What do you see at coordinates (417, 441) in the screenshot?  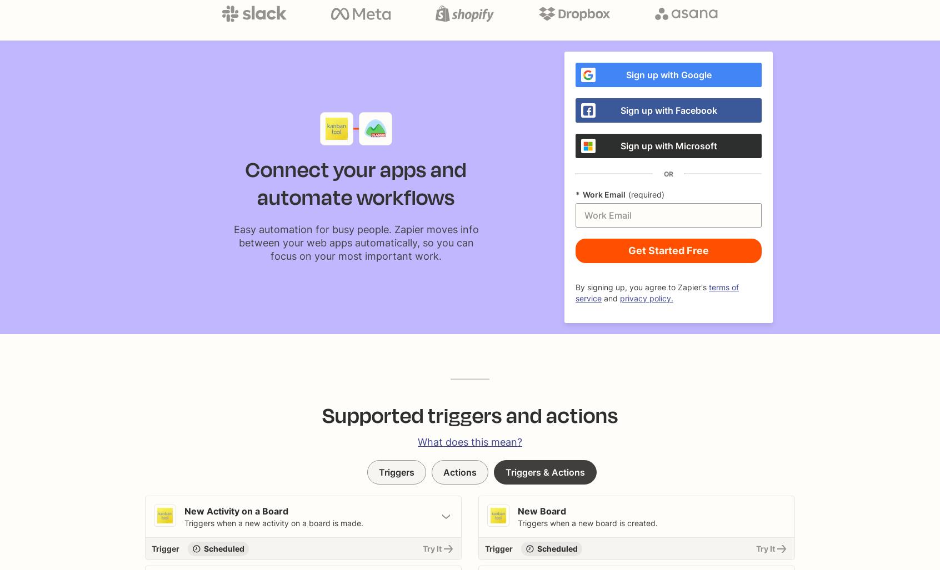 I see `'What does this mean?'` at bounding box center [417, 441].